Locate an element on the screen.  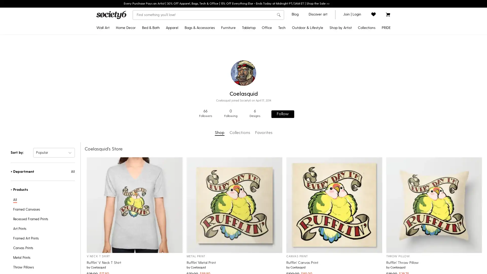
Metal Prints is located at coordinates (119, 106).